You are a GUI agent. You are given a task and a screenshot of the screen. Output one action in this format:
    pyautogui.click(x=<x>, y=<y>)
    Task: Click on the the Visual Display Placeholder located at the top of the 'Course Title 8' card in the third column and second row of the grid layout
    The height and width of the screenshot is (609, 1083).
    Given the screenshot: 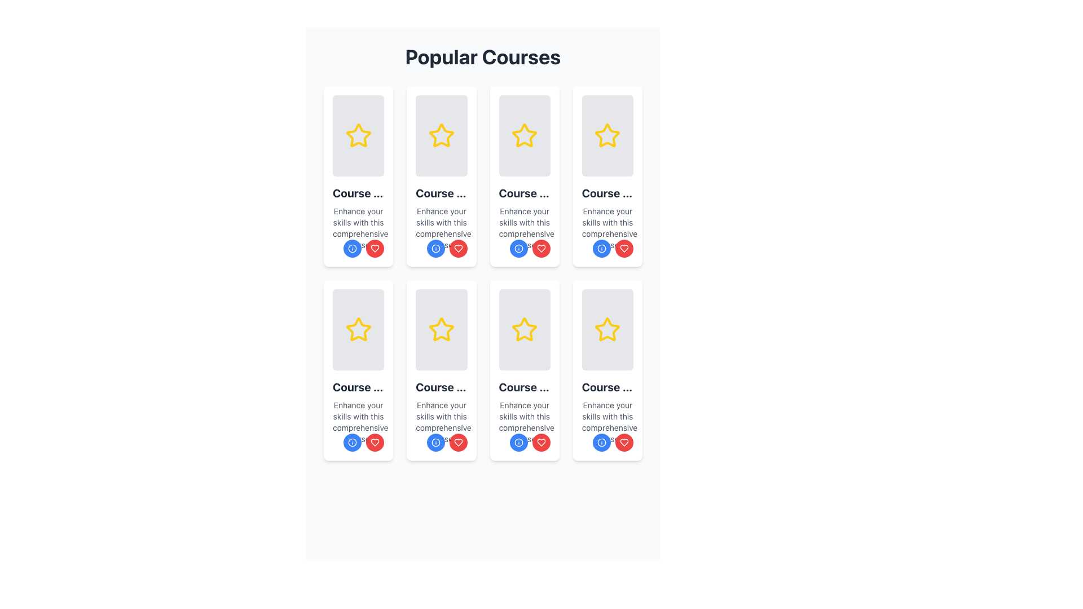 What is the action you would take?
    pyautogui.click(x=607, y=330)
    